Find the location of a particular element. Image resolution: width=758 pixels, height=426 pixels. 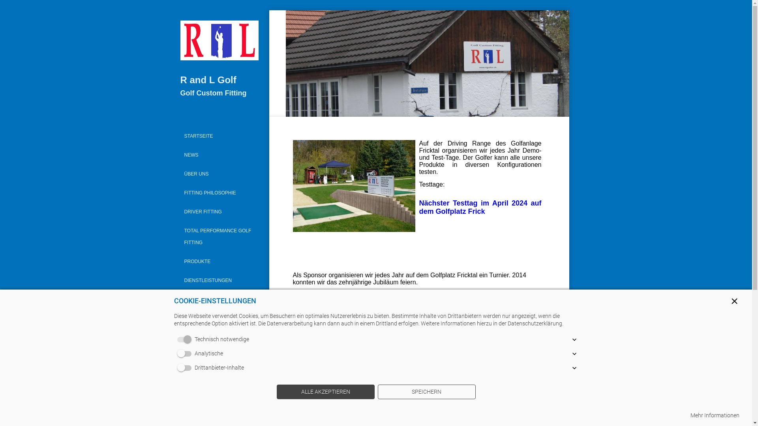

'VERANSTALTUNGEN' is located at coordinates (220, 318).